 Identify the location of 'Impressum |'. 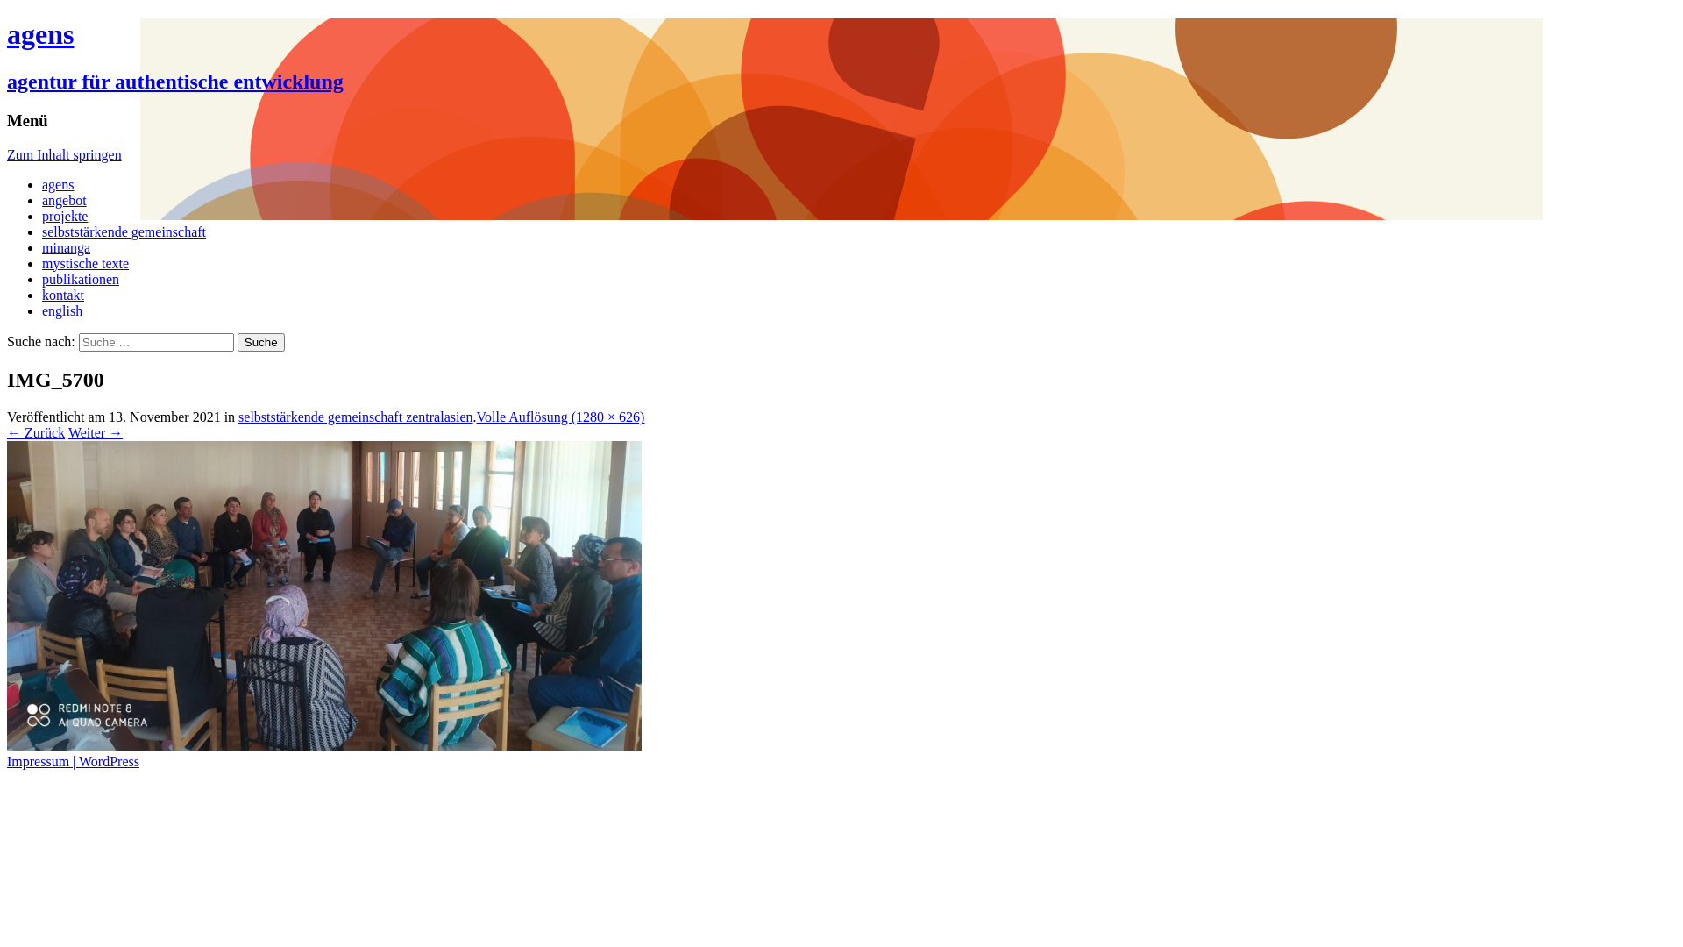
(42, 760).